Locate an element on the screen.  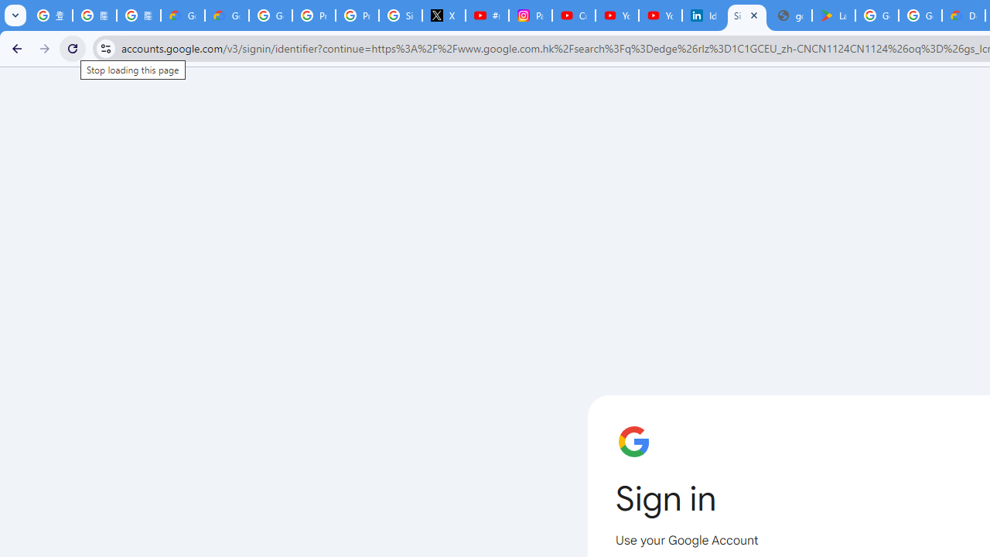
'Last Shelter: Survival - Apps on Google Play' is located at coordinates (832, 15).